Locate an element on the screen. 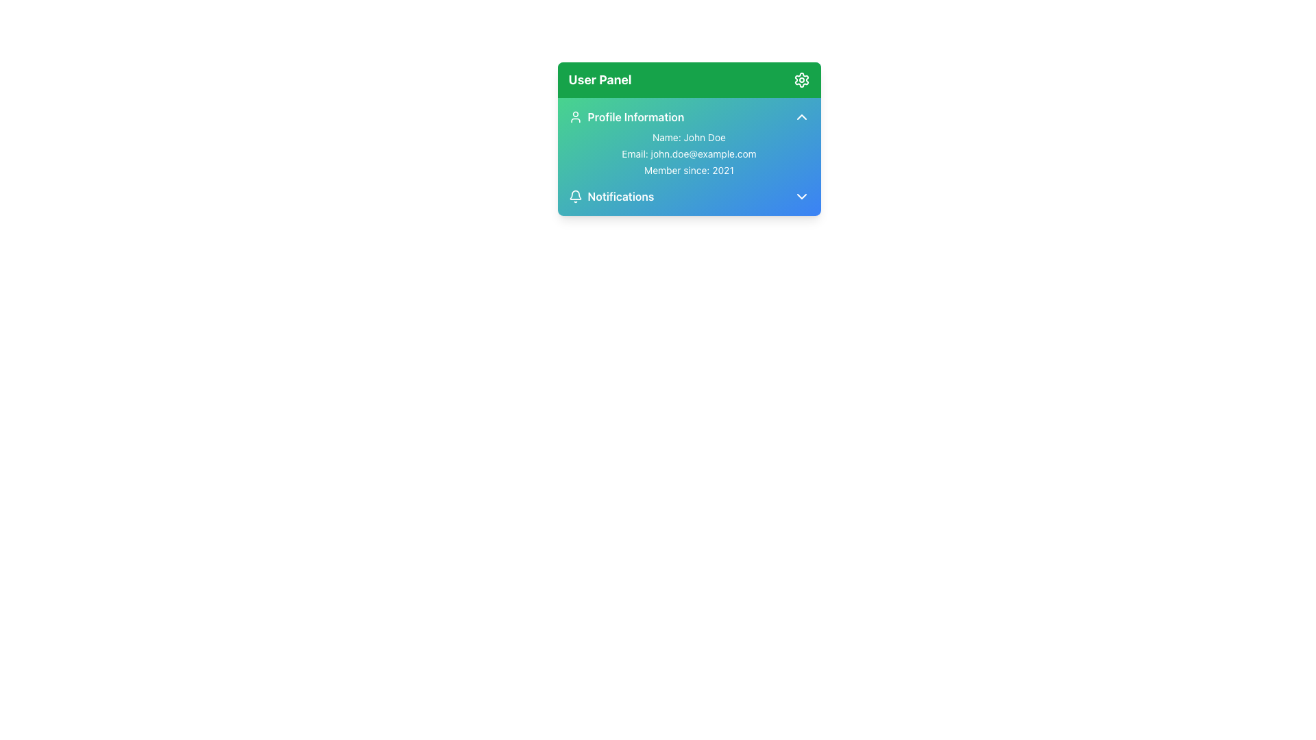 Image resolution: width=1316 pixels, height=740 pixels. the 'Profile Information' header section, which has a light green-to-blue gradient background is located at coordinates (689, 116).